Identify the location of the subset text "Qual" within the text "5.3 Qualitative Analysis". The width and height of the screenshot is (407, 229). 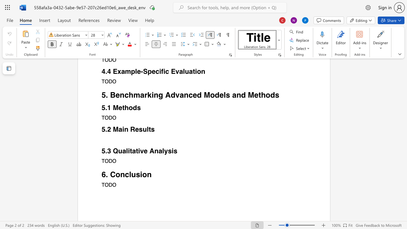
(113, 151).